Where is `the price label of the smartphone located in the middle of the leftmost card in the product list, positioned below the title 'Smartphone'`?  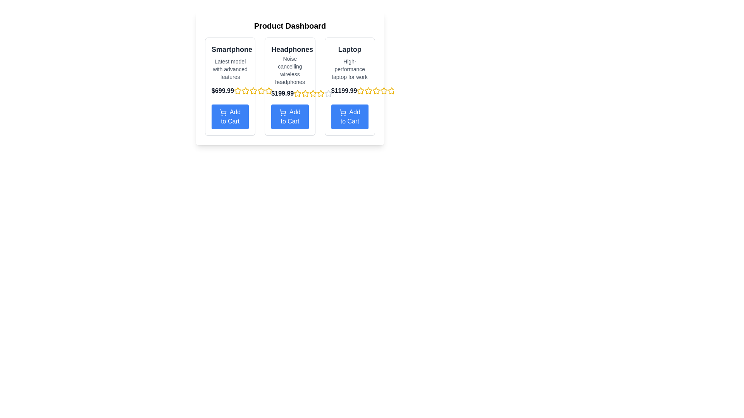
the price label of the smartphone located in the middle of the leftmost card in the product list, positioned below the title 'Smartphone' is located at coordinates (222, 91).